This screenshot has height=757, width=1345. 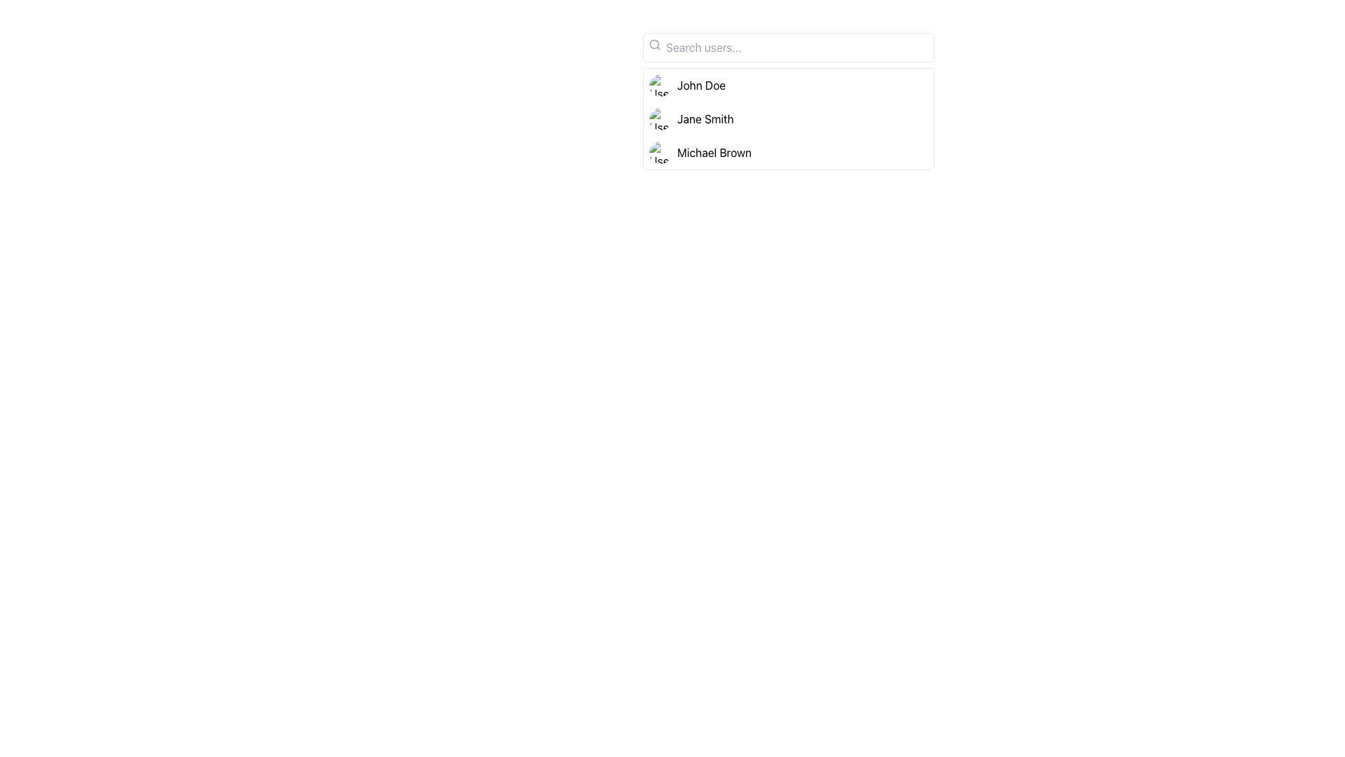 What do you see at coordinates (659, 153) in the screenshot?
I see `the user profile image representing 'Michael Brown'` at bounding box center [659, 153].